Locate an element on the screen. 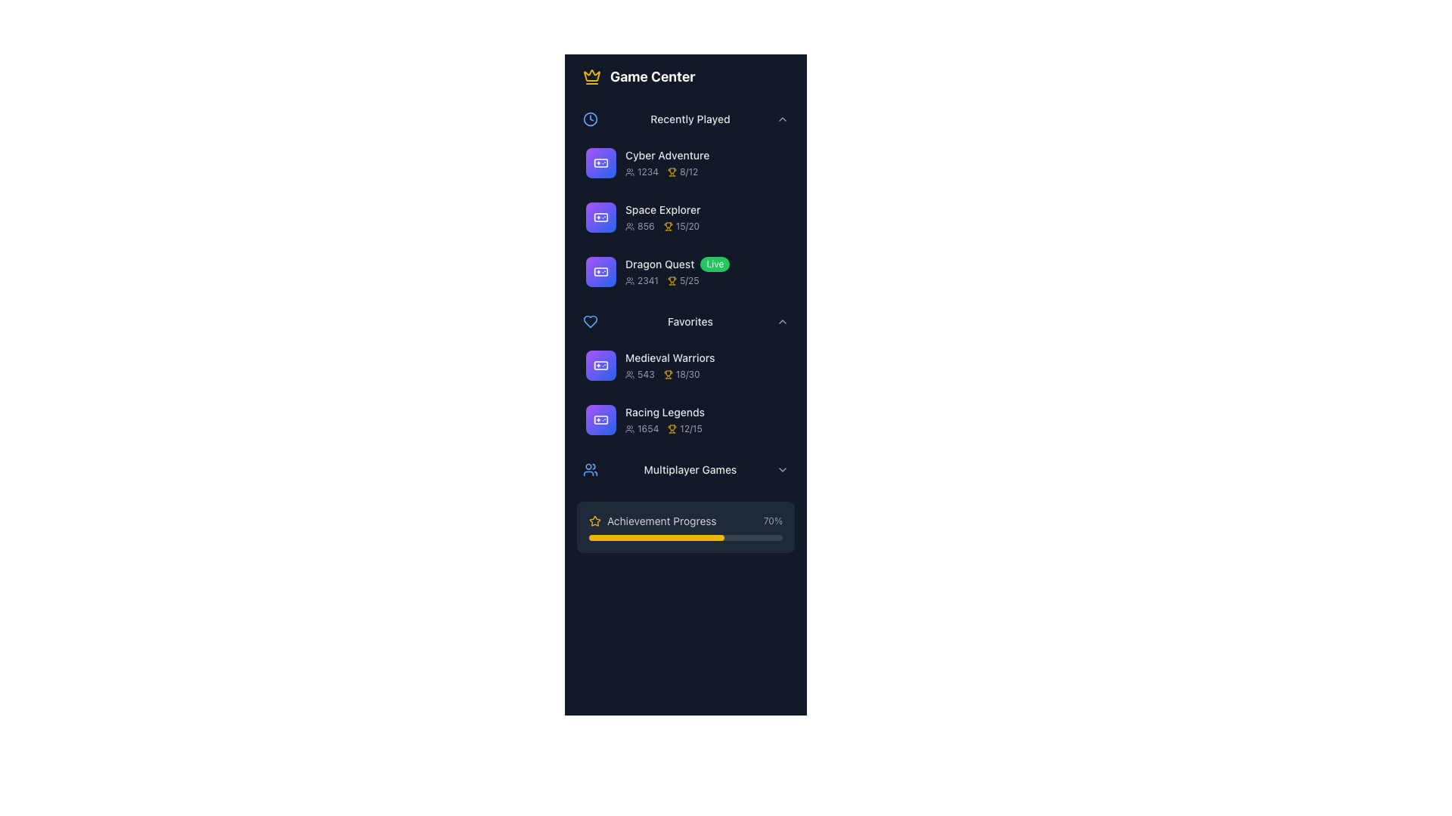 This screenshot has height=816, width=1452. the star icon with a five-pointed design that has yellow outlines and a dark blue background, located in the 'Favorites' section adjacent to a numeric value and game title is located at coordinates (594, 520).